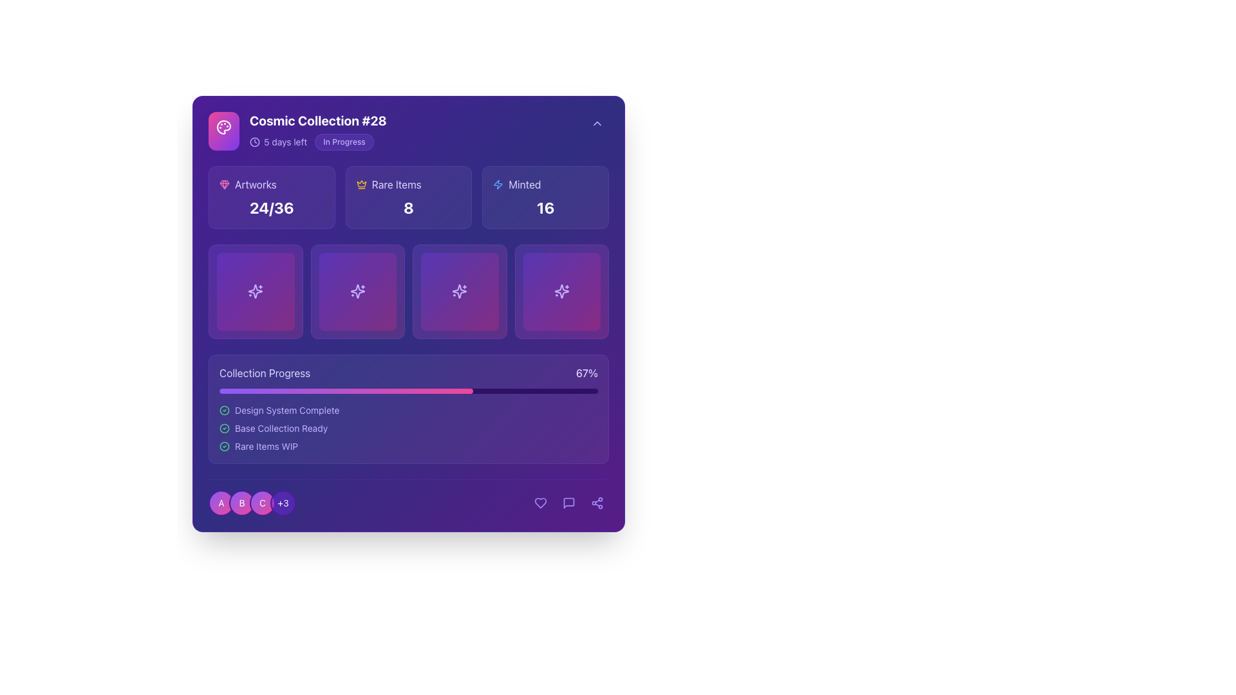 The image size is (1236, 695). Describe the element at coordinates (318, 142) in the screenshot. I see `the Status indicator for the 'Cosmic Collection #28', which shows '5 days left' and 'In Progress', to access contextual options if available` at that location.